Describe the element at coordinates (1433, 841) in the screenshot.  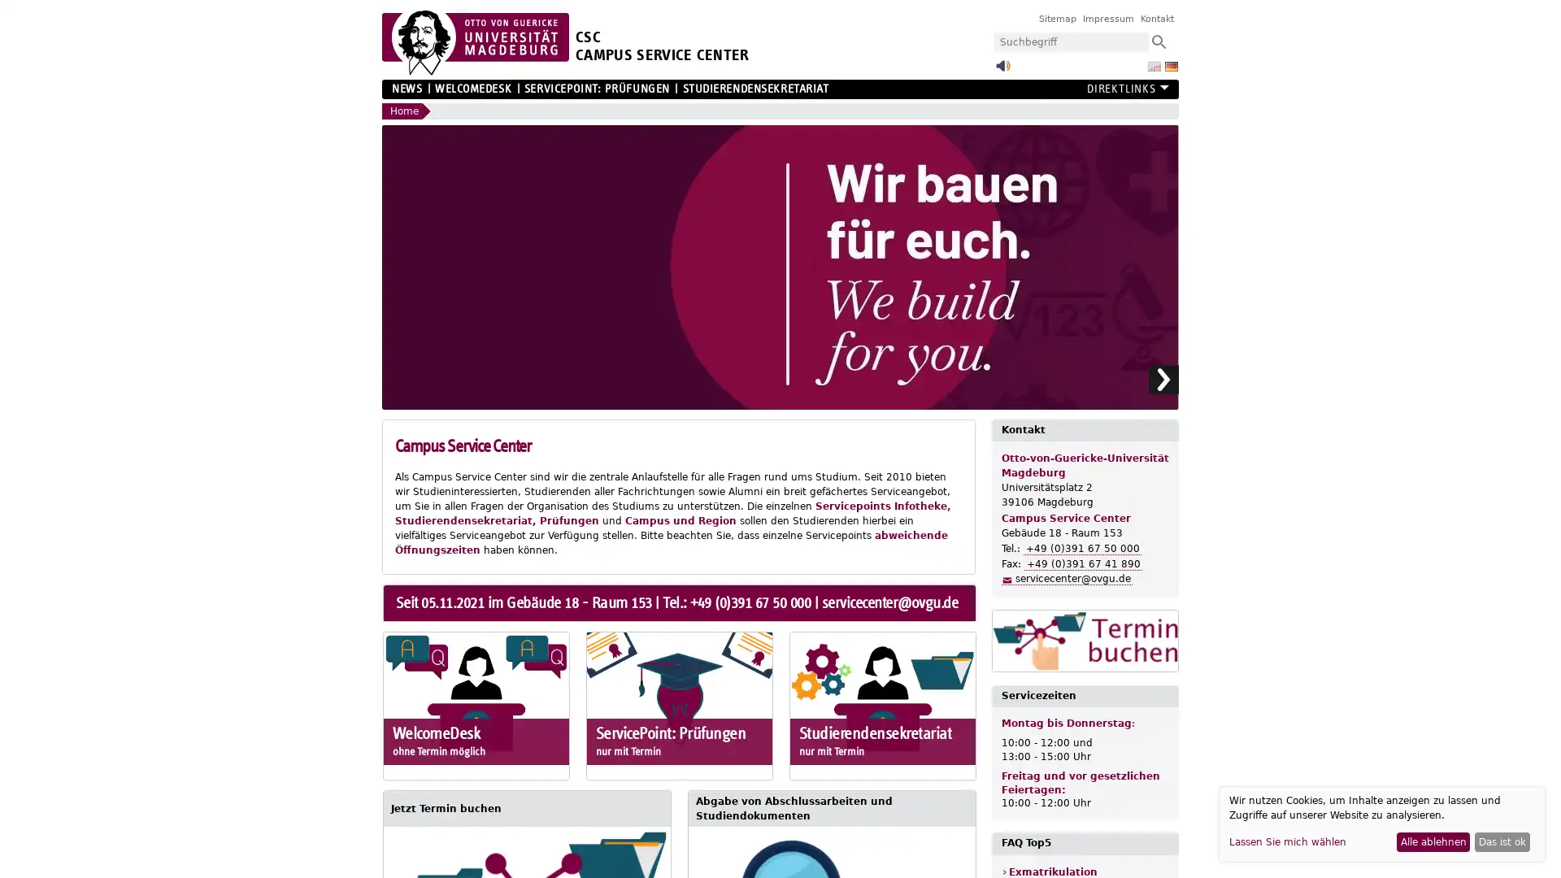
I see `Alle ablehnen` at that location.